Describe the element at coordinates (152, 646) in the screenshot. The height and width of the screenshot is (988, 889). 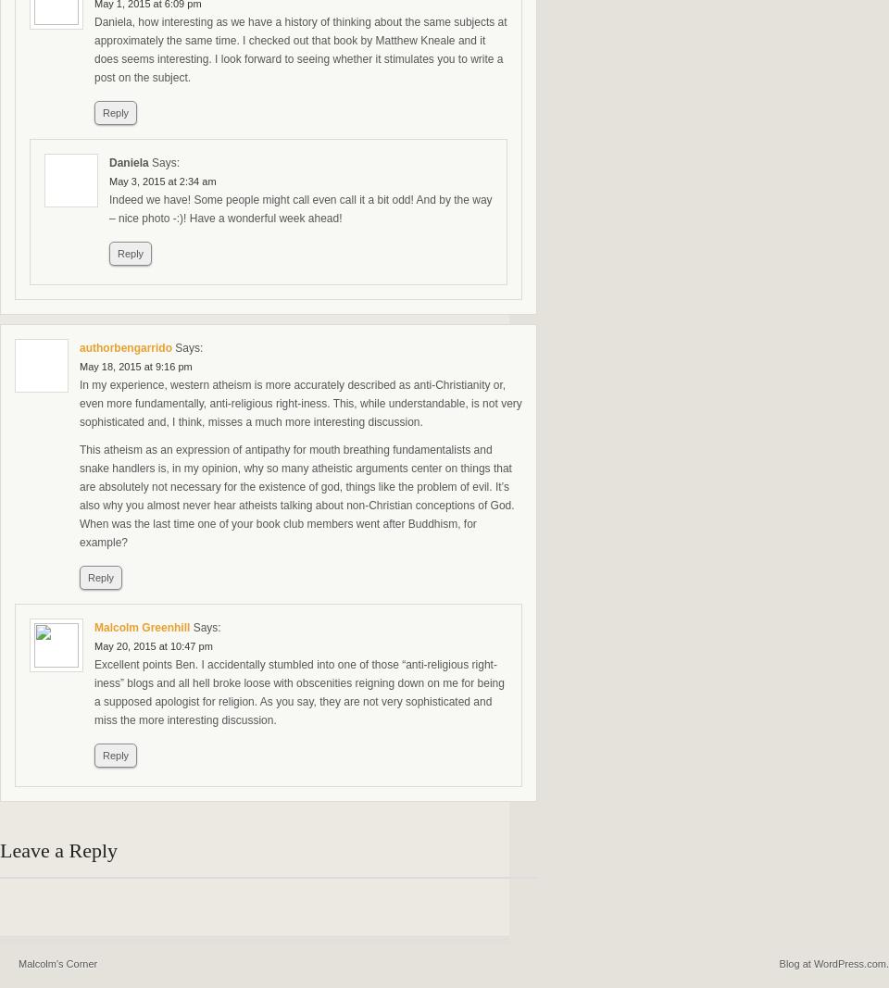
I see `'May 20, 2015 at 10:47 pm'` at that location.